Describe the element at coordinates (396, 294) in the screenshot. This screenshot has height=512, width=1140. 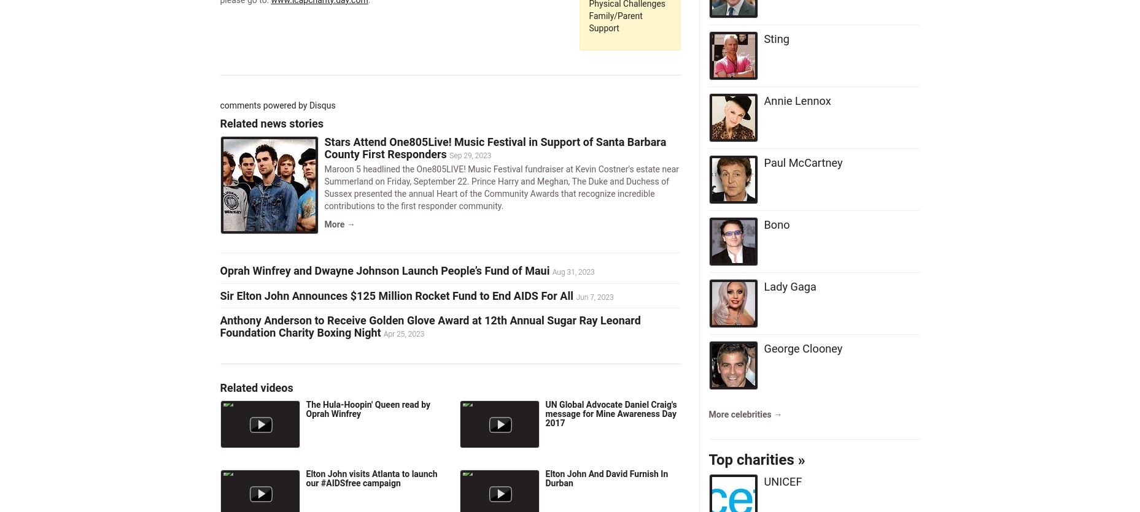
I see `'Sir Elton John Announces $125 Million Rocket Fund to End AIDS For All'` at that location.